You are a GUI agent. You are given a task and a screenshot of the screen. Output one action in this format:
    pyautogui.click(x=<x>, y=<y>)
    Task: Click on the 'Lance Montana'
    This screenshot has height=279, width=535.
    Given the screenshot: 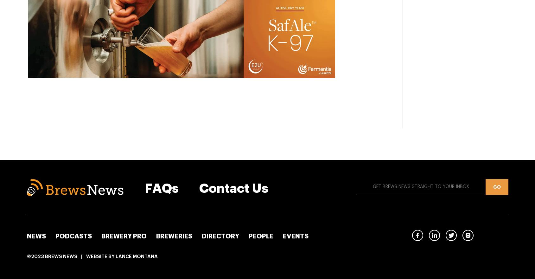 What is the action you would take?
    pyautogui.click(x=115, y=256)
    